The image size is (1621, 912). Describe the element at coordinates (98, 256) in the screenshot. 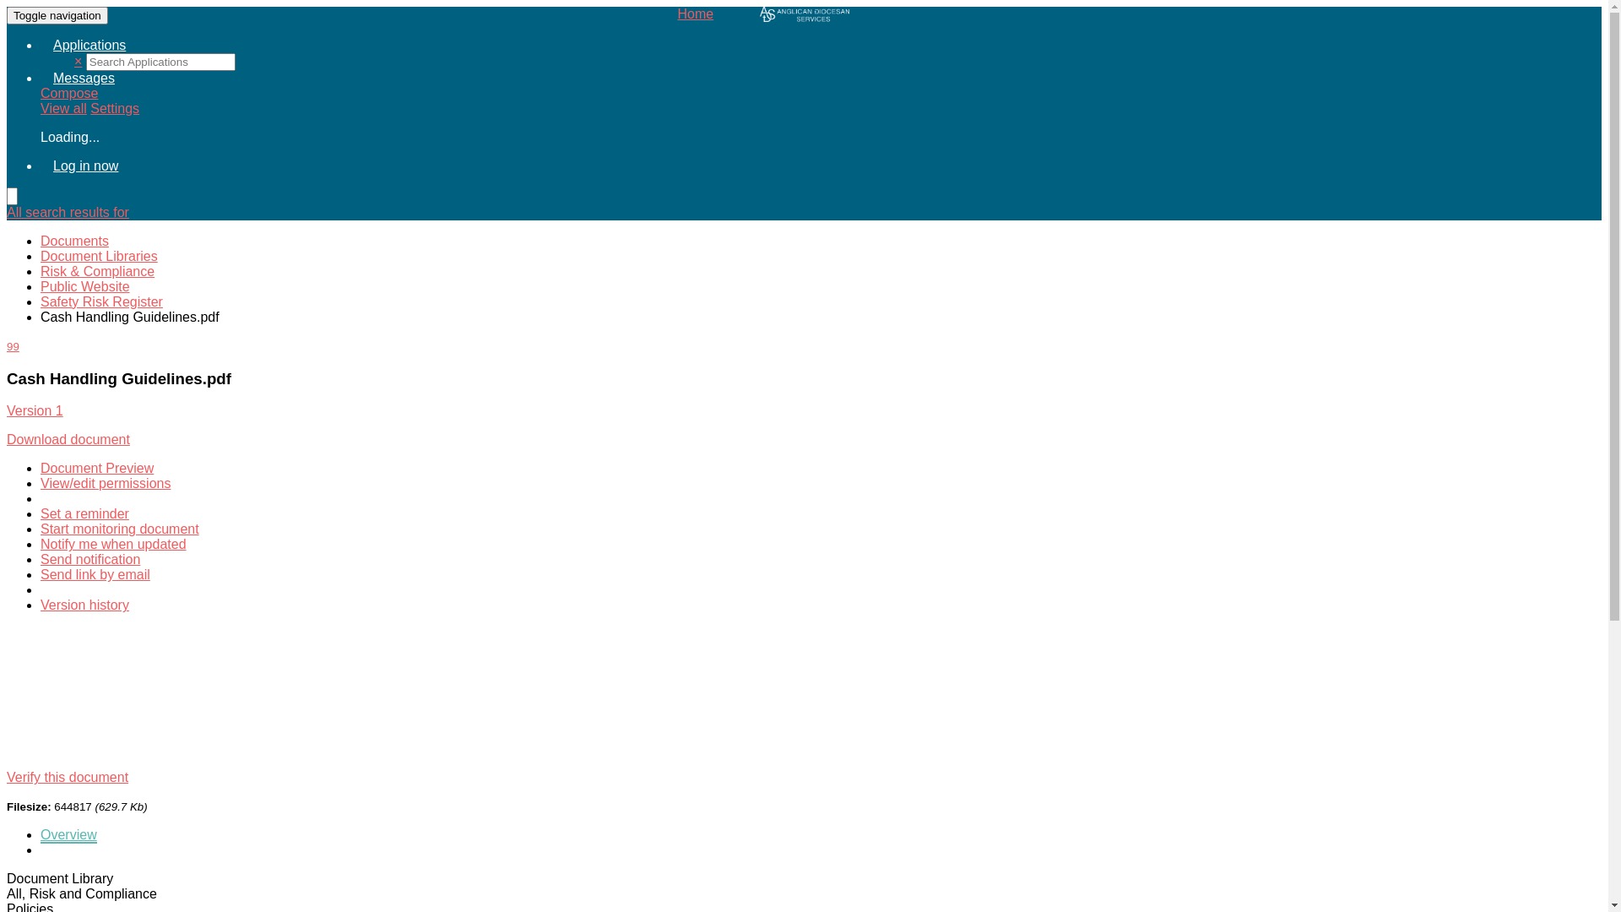

I see `'Document Libraries'` at that location.